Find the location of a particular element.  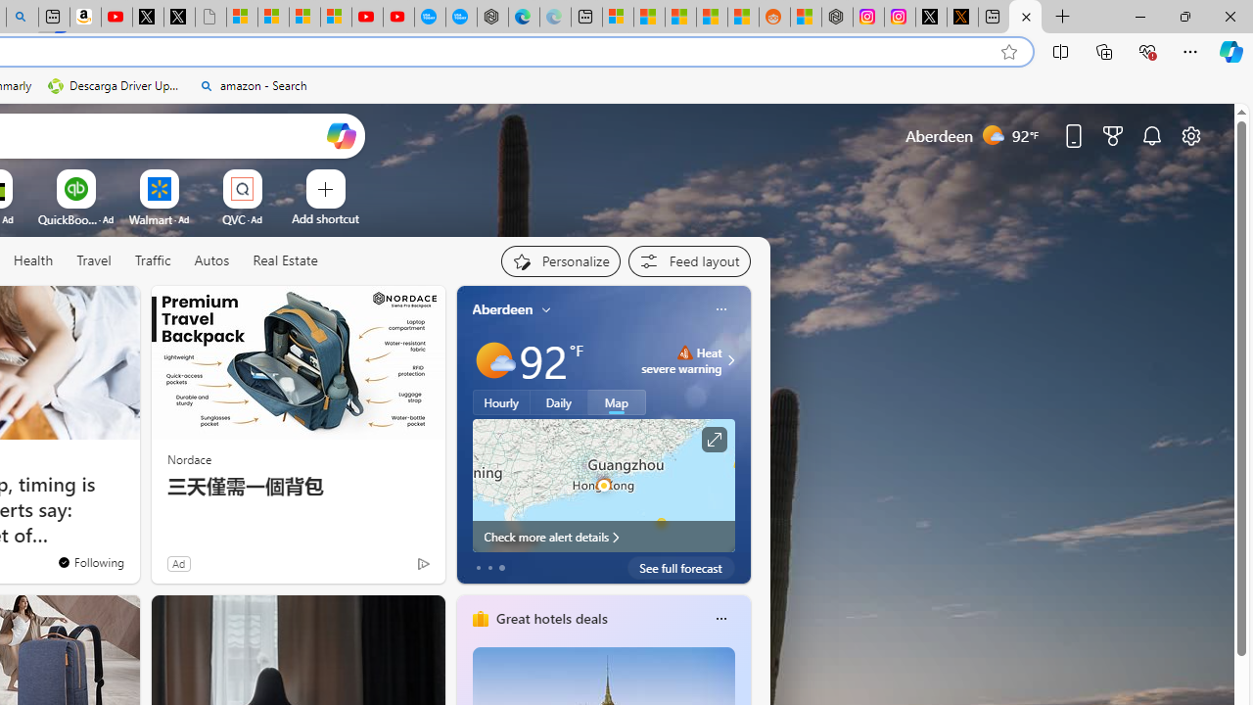

'hotels-header-icon' is located at coordinates (480, 619).